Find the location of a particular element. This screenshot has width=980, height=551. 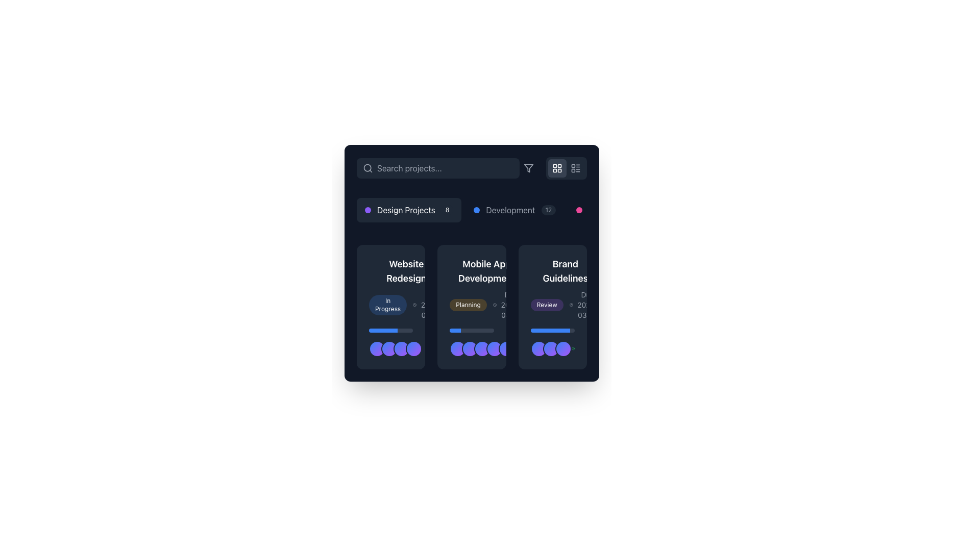

the highlighted button on the segmented control bar is located at coordinates (471, 210).